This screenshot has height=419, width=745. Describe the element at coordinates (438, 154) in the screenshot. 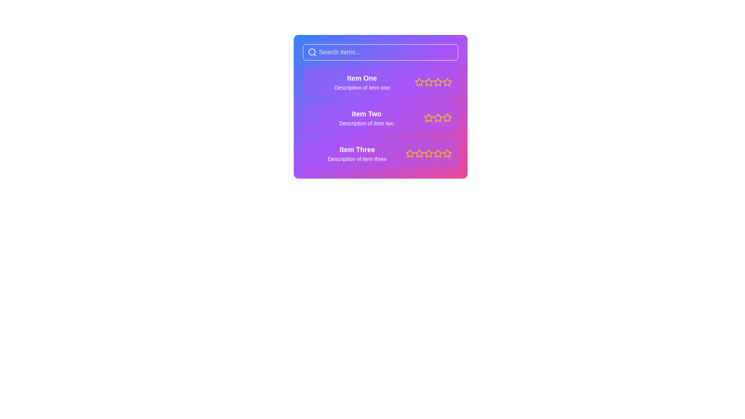

I see `the fifth star icon outlined in yellow, which is part of a horizontal row of five stars used for rating in the third item of a vertical list` at that location.